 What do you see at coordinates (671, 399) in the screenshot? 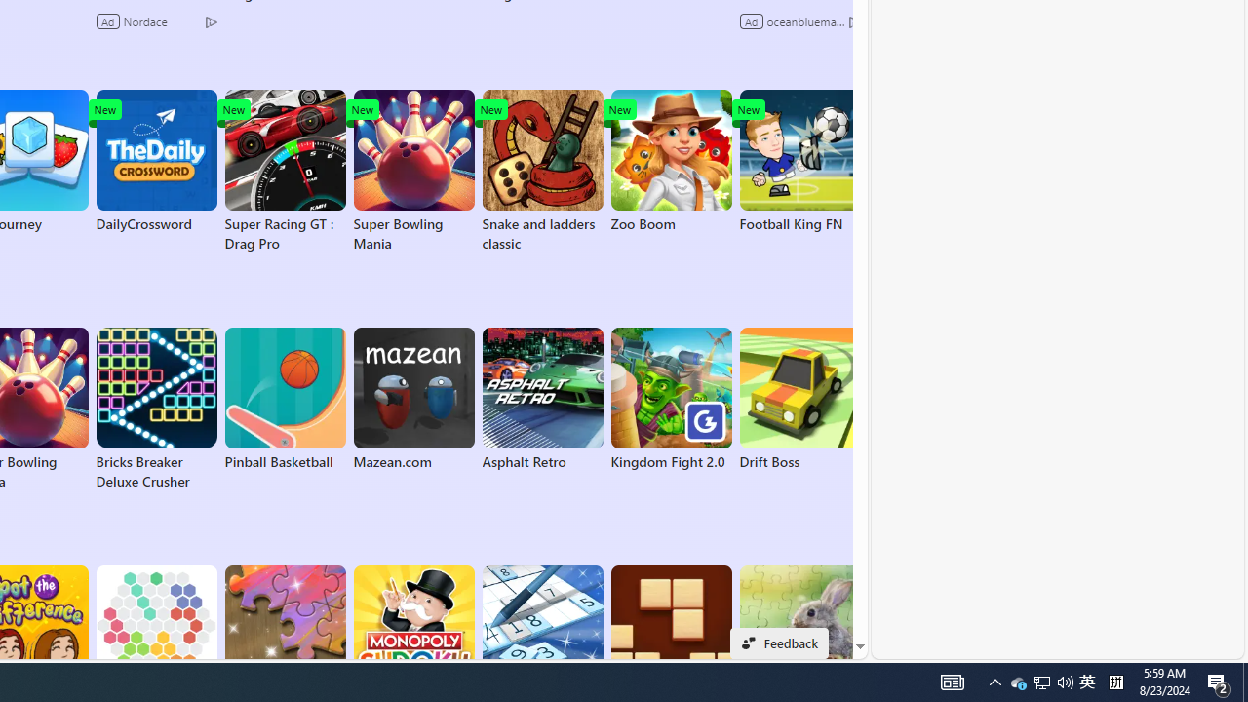
I see `'Kingdom Fight 2.0'` at bounding box center [671, 399].